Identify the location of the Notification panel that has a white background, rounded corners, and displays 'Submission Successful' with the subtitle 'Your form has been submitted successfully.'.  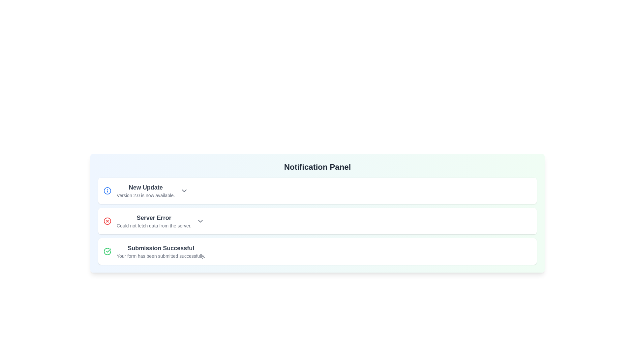
(317, 252).